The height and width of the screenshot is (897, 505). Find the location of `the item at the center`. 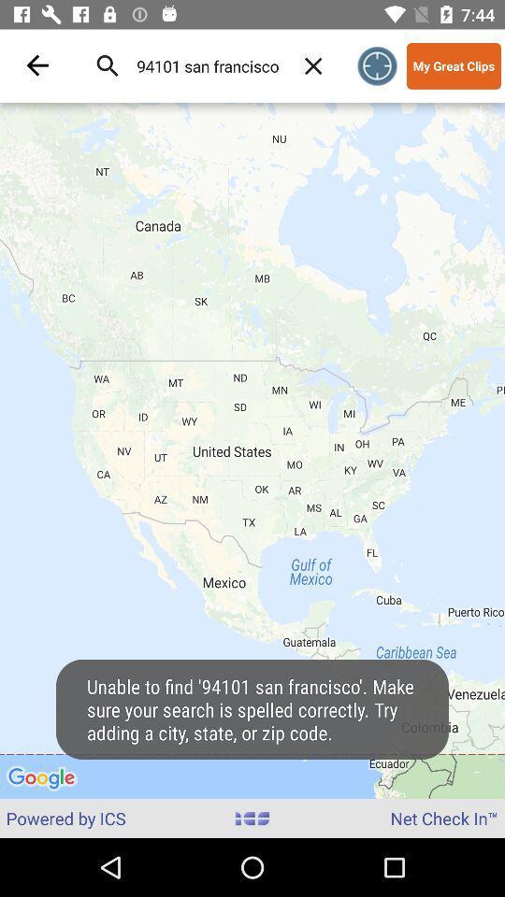

the item at the center is located at coordinates (252, 449).